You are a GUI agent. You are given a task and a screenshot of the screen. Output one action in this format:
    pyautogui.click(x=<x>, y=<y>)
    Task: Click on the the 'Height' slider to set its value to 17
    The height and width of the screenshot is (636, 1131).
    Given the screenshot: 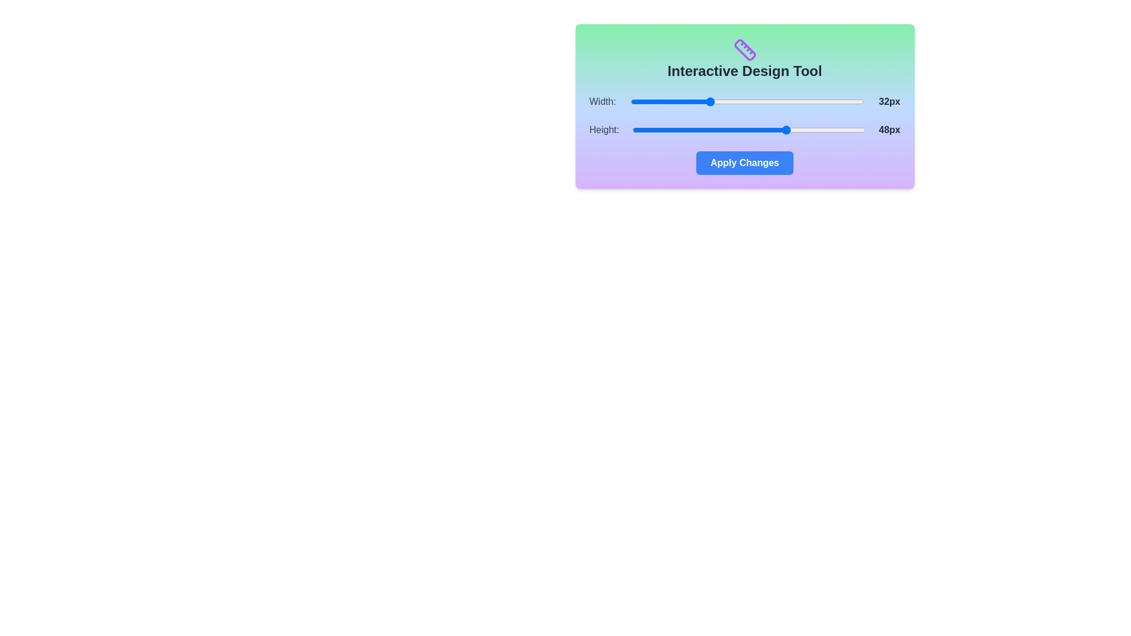 What is the action you would take?
    pyautogui.click(x=636, y=130)
    